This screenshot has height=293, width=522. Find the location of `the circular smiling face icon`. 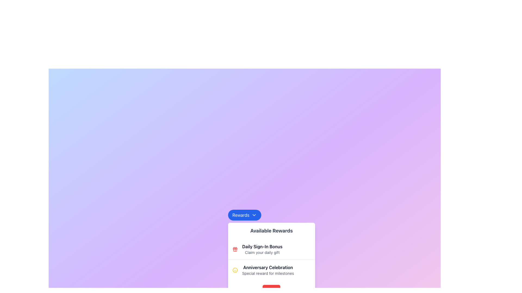

the circular smiling face icon is located at coordinates (235, 270).